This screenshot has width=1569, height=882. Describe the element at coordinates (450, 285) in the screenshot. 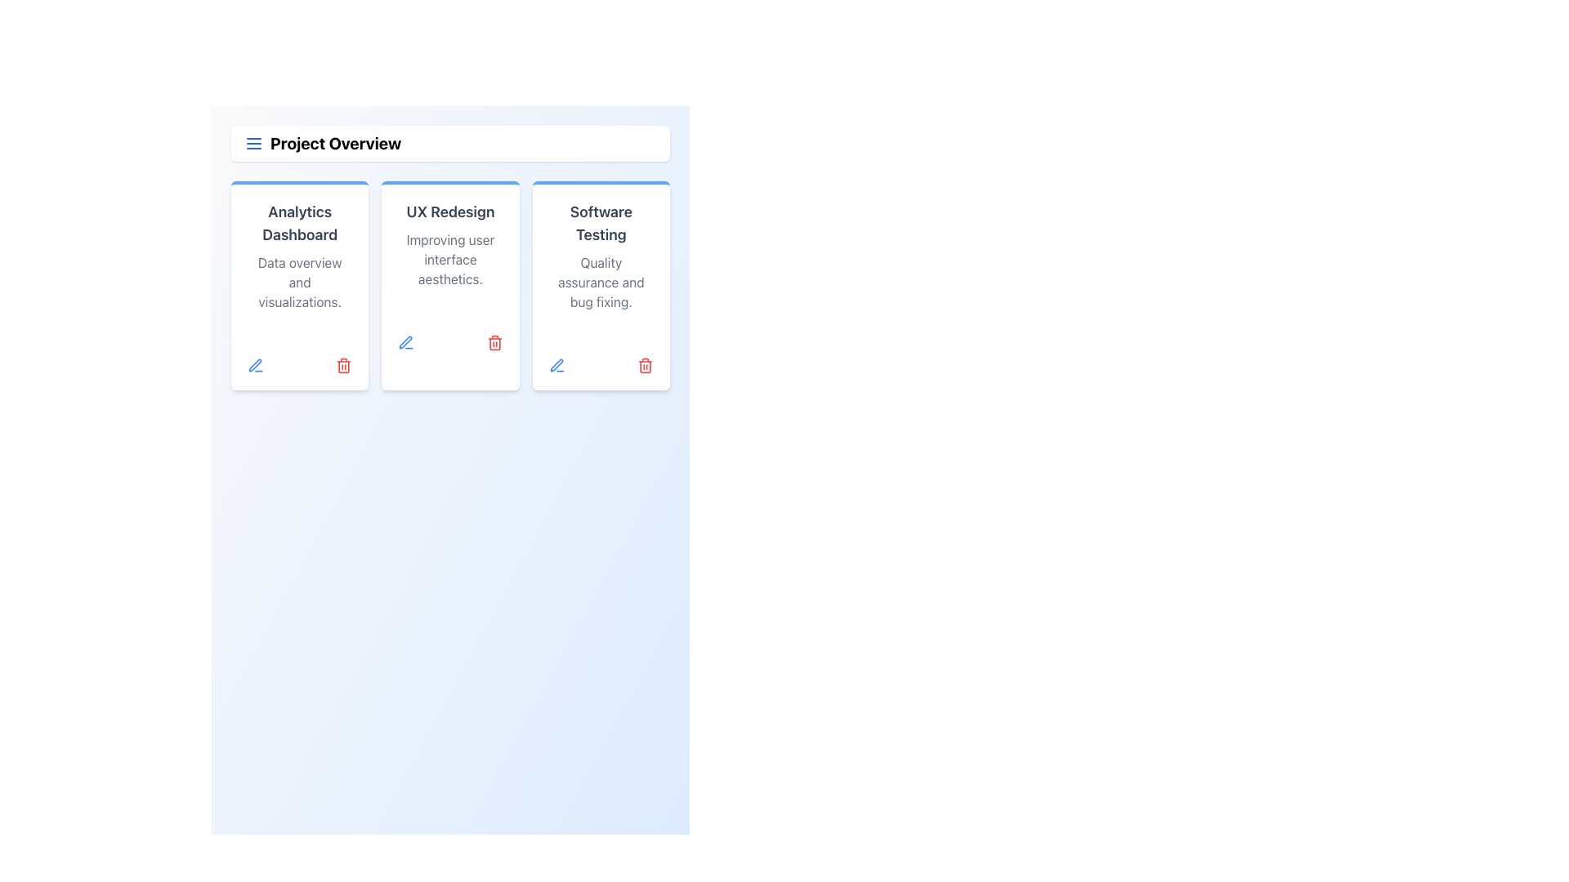

I see `the middle card titled 'UX Redesign'` at that location.